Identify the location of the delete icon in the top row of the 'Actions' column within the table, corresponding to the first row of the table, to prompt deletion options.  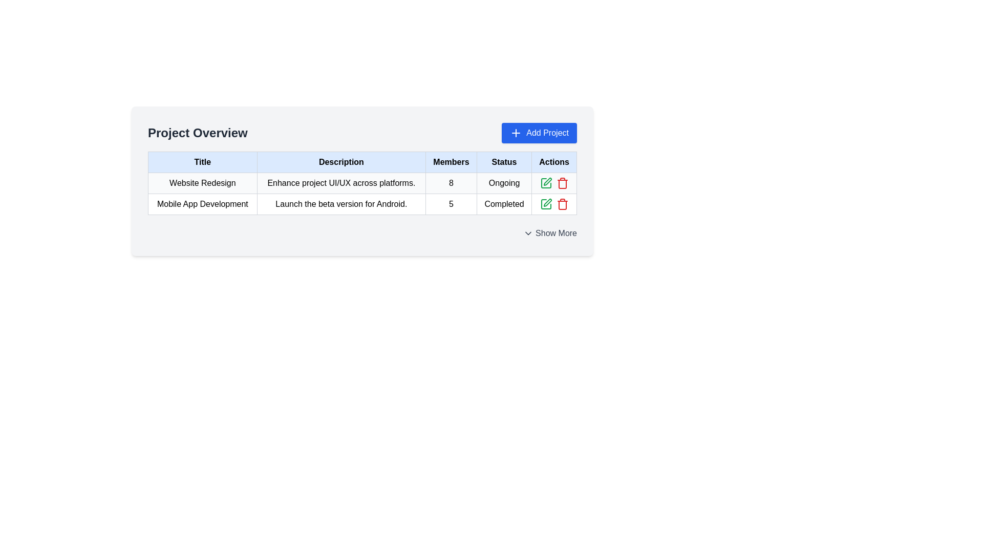
(553, 183).